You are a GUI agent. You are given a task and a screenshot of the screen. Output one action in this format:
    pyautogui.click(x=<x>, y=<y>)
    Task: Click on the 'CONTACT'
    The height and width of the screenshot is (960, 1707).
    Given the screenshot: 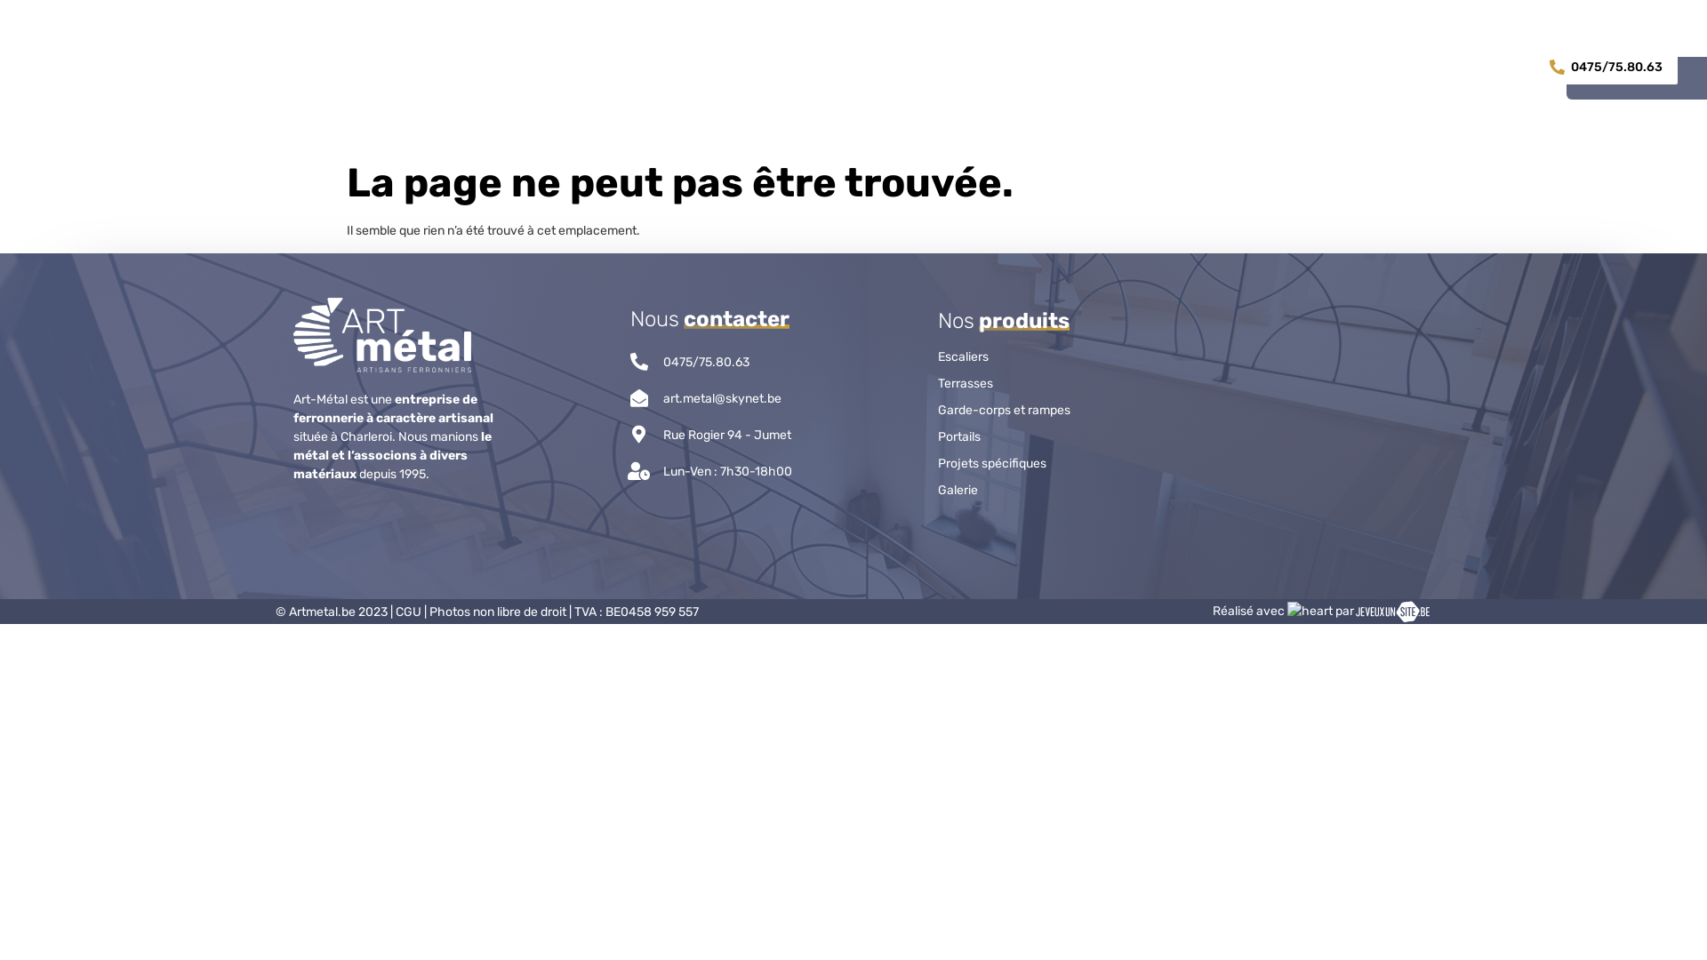 What is the action you would take?
    pyautogui.click(x=1104, y=68)
    